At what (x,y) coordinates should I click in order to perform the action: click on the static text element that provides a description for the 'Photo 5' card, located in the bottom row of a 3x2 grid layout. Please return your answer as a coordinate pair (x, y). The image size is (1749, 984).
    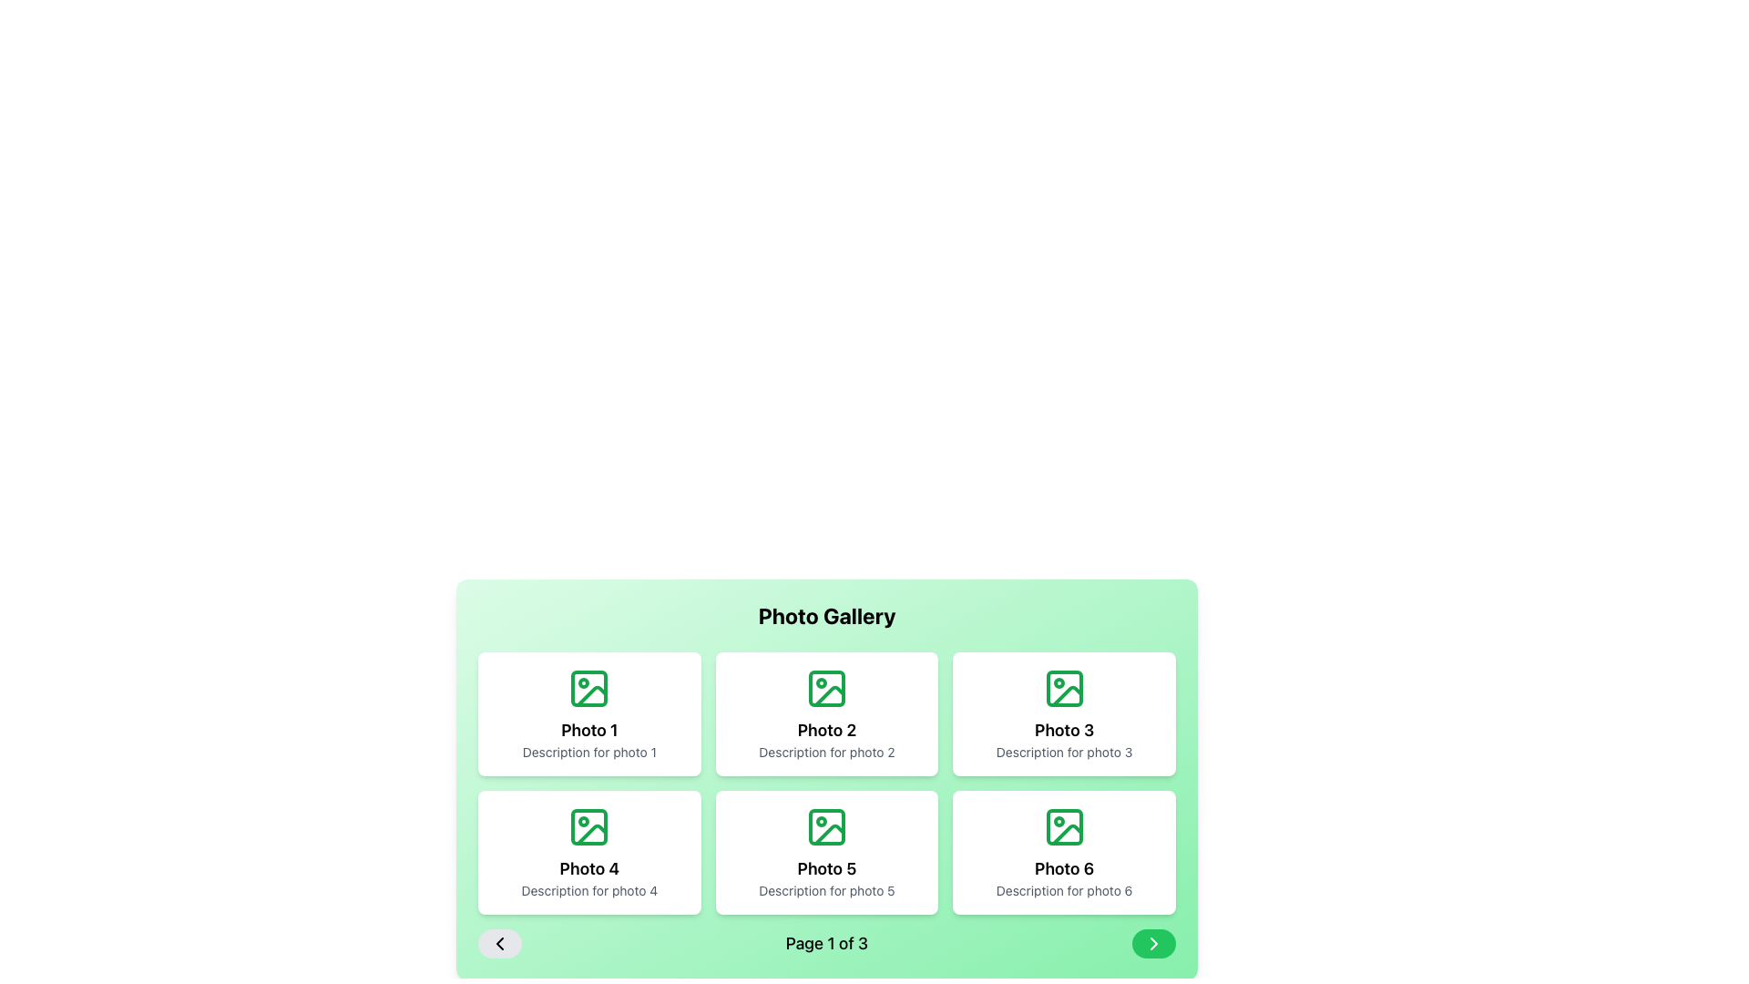
    Looking at the image, I should click on (825, 890).